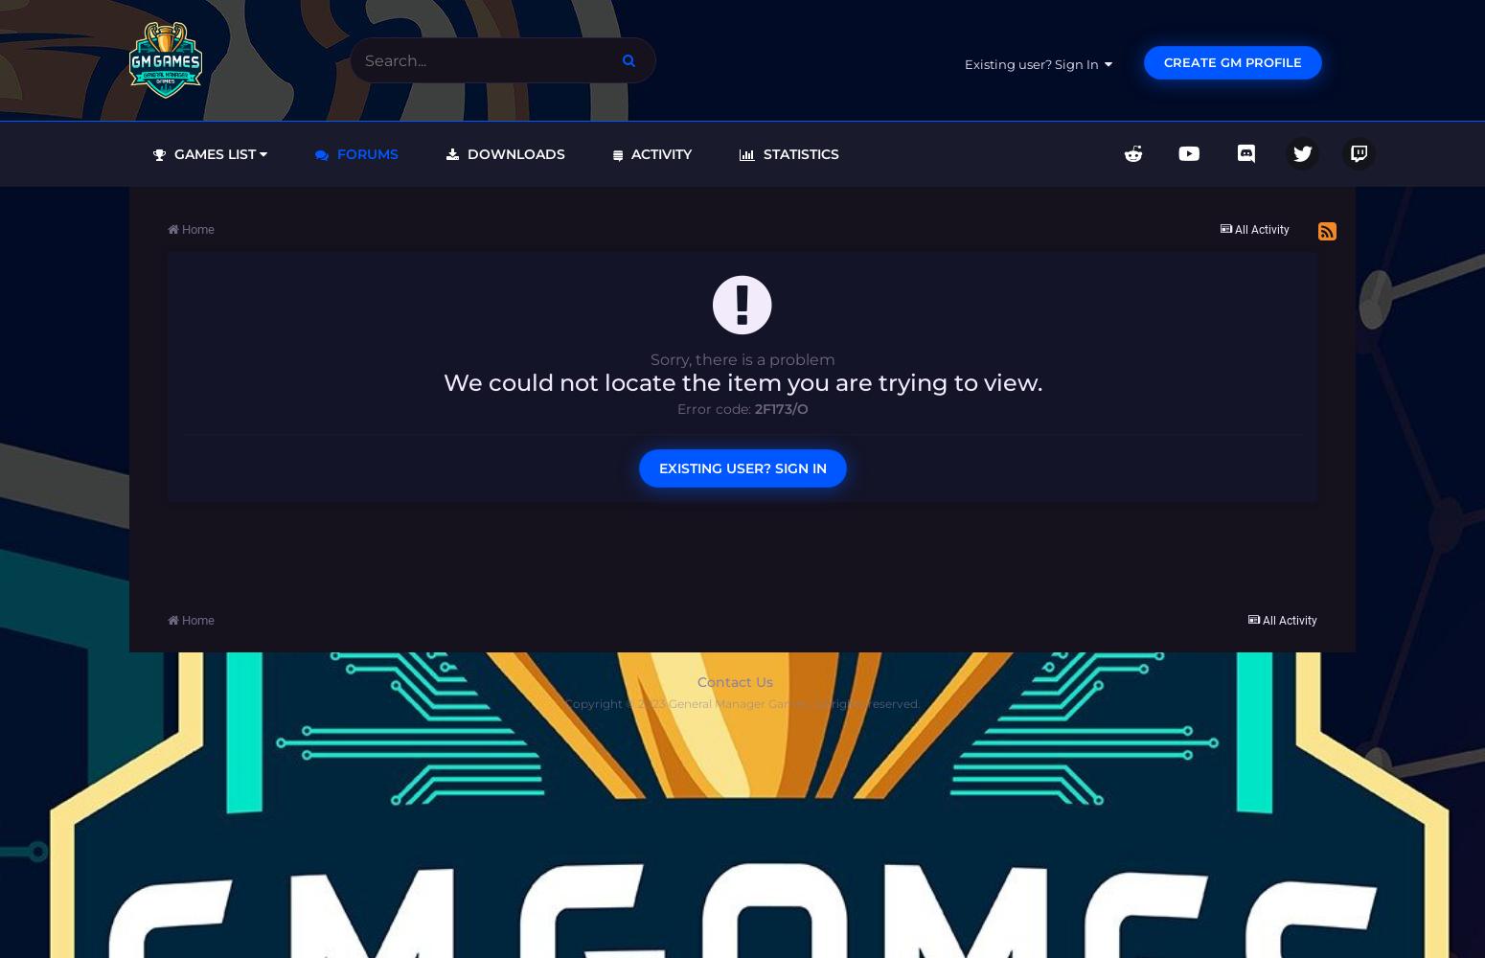 Image resolution: width=1485 pixels, height=958 pixels. What do you see at coordinates (169, 153) in the screenshot?
I see `'Games List'` at bounding box center [169, 153].